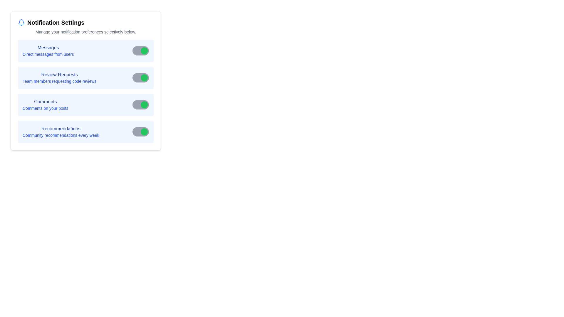  I want to click on the bell-shaped notification icon located near the header text 'Notification Settings', so click(21, 21).